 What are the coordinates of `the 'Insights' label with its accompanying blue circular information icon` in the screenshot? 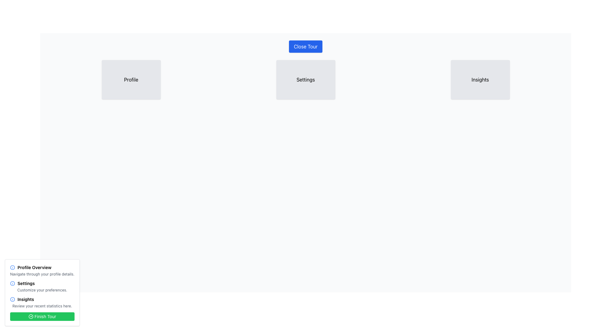 It's located at (42, 299).